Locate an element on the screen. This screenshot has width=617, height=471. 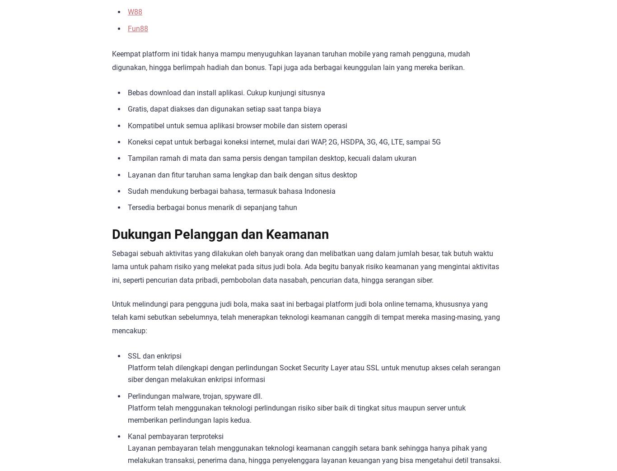
'Layanan pembayaran telah menggunakan teknologi keamanan canggih setara bank sehingga hanya pihak yang melakukan transaksi, penerima dana, hingga penyelenggara layanan keuangan yang bisa mengetahui detil transaksi.' is located at coordinates (314, 454).